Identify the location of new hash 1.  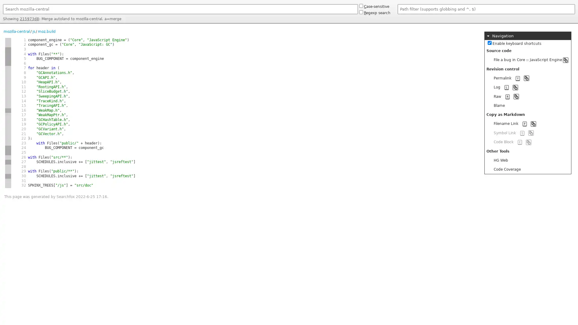
(8, 68).